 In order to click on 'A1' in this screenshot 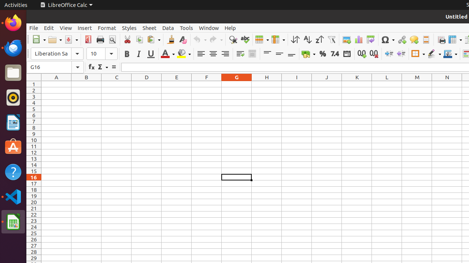, I will do `click(56, 84)`.